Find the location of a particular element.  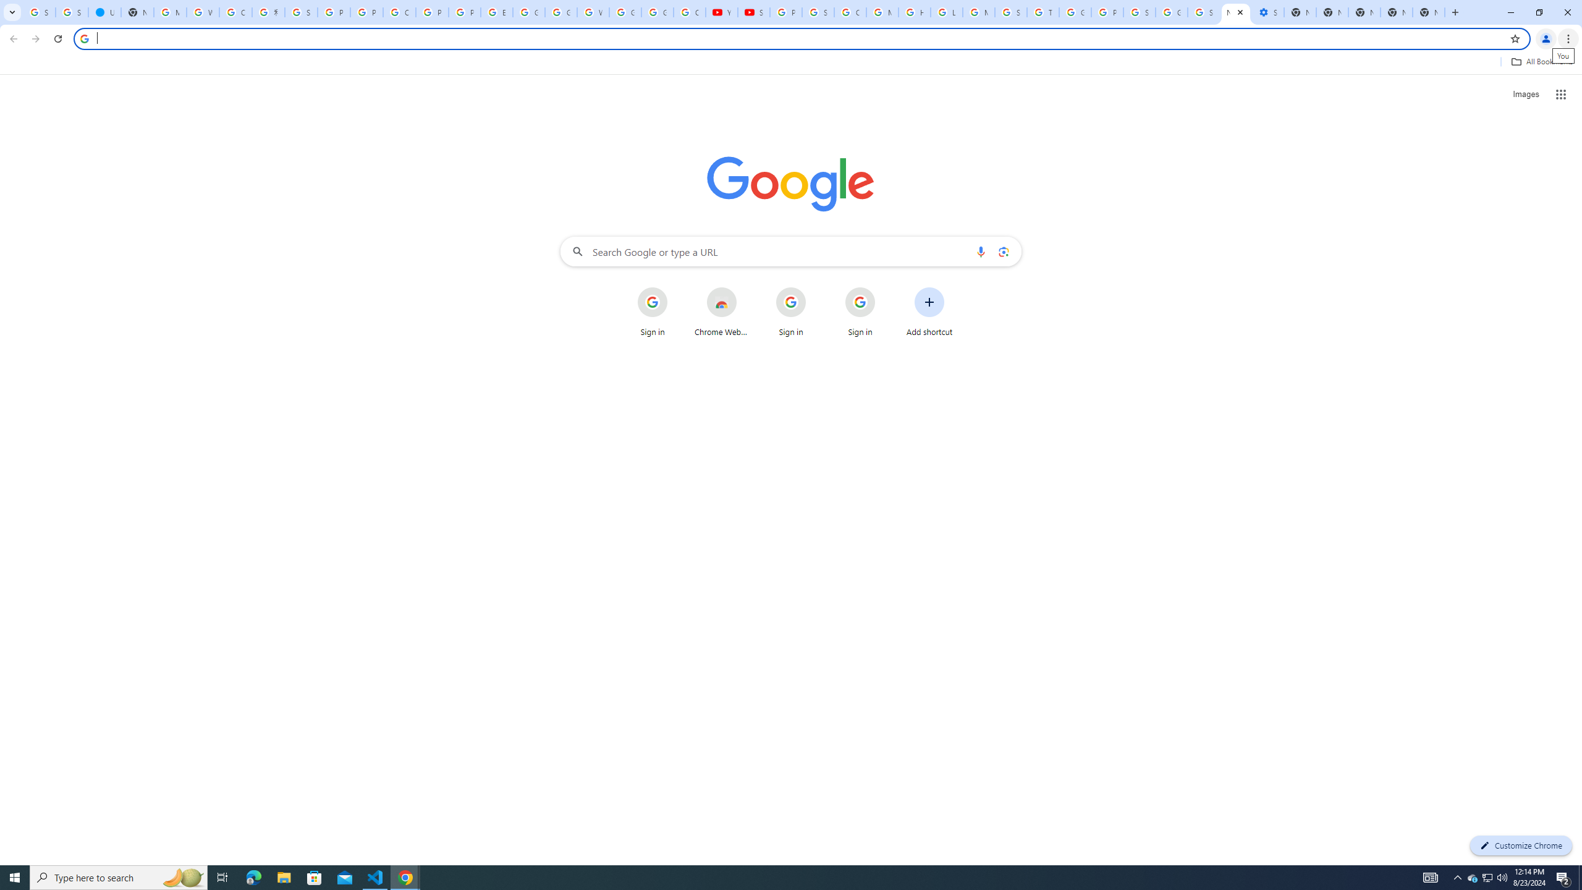

'Trusted Information and Content - Google Safety Center' is located at coordinates (1043, 12).